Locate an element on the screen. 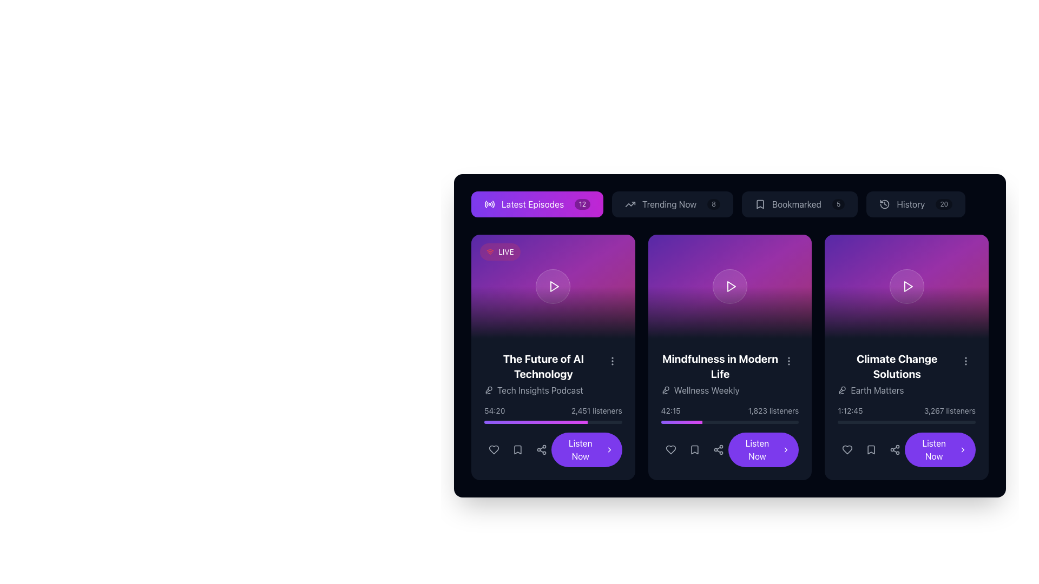 This screenshot has height=584, width=1039. the heart-shaped button in the dark card interface to mark the 'Mindfulness in Modern Life' podcast as a favorite is located at coordinates (670, 450).